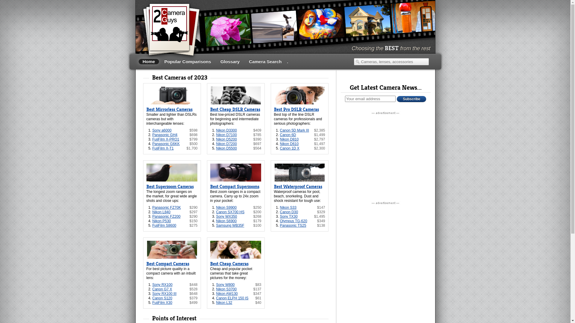 Image resolution: width=575 pixels, height=323 pixels. What do you see at coordinates (411, 99) in the screenshot?
I see `'Subscribe'` at bounding box center [411, 99].